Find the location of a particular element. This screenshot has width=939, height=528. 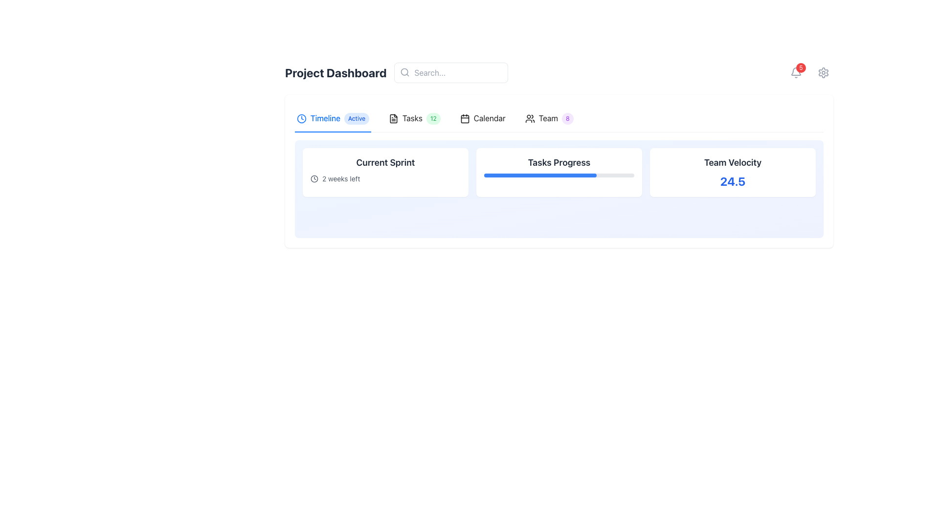

the small, circular magnifying glass icon with a gray outline located within the search bar in the header section, which signifies search functionality is located at coordinates (405, 71).